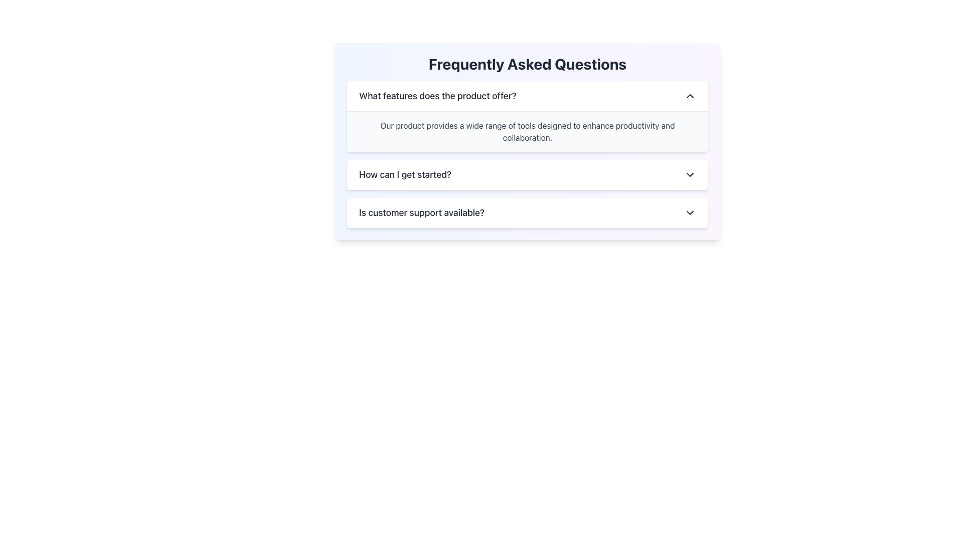  Describe the element at coordinates (690, 212) in the screenshot. I see `the downward-pointing chevron icon located to the right of the text 'Is customer support available?'` at that location.